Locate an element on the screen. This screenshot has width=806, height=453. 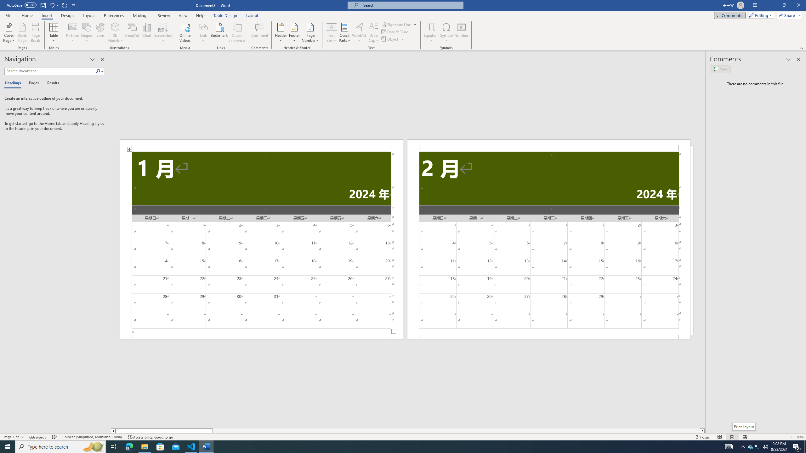
'Shapes' is located at coordinates (87, 32).